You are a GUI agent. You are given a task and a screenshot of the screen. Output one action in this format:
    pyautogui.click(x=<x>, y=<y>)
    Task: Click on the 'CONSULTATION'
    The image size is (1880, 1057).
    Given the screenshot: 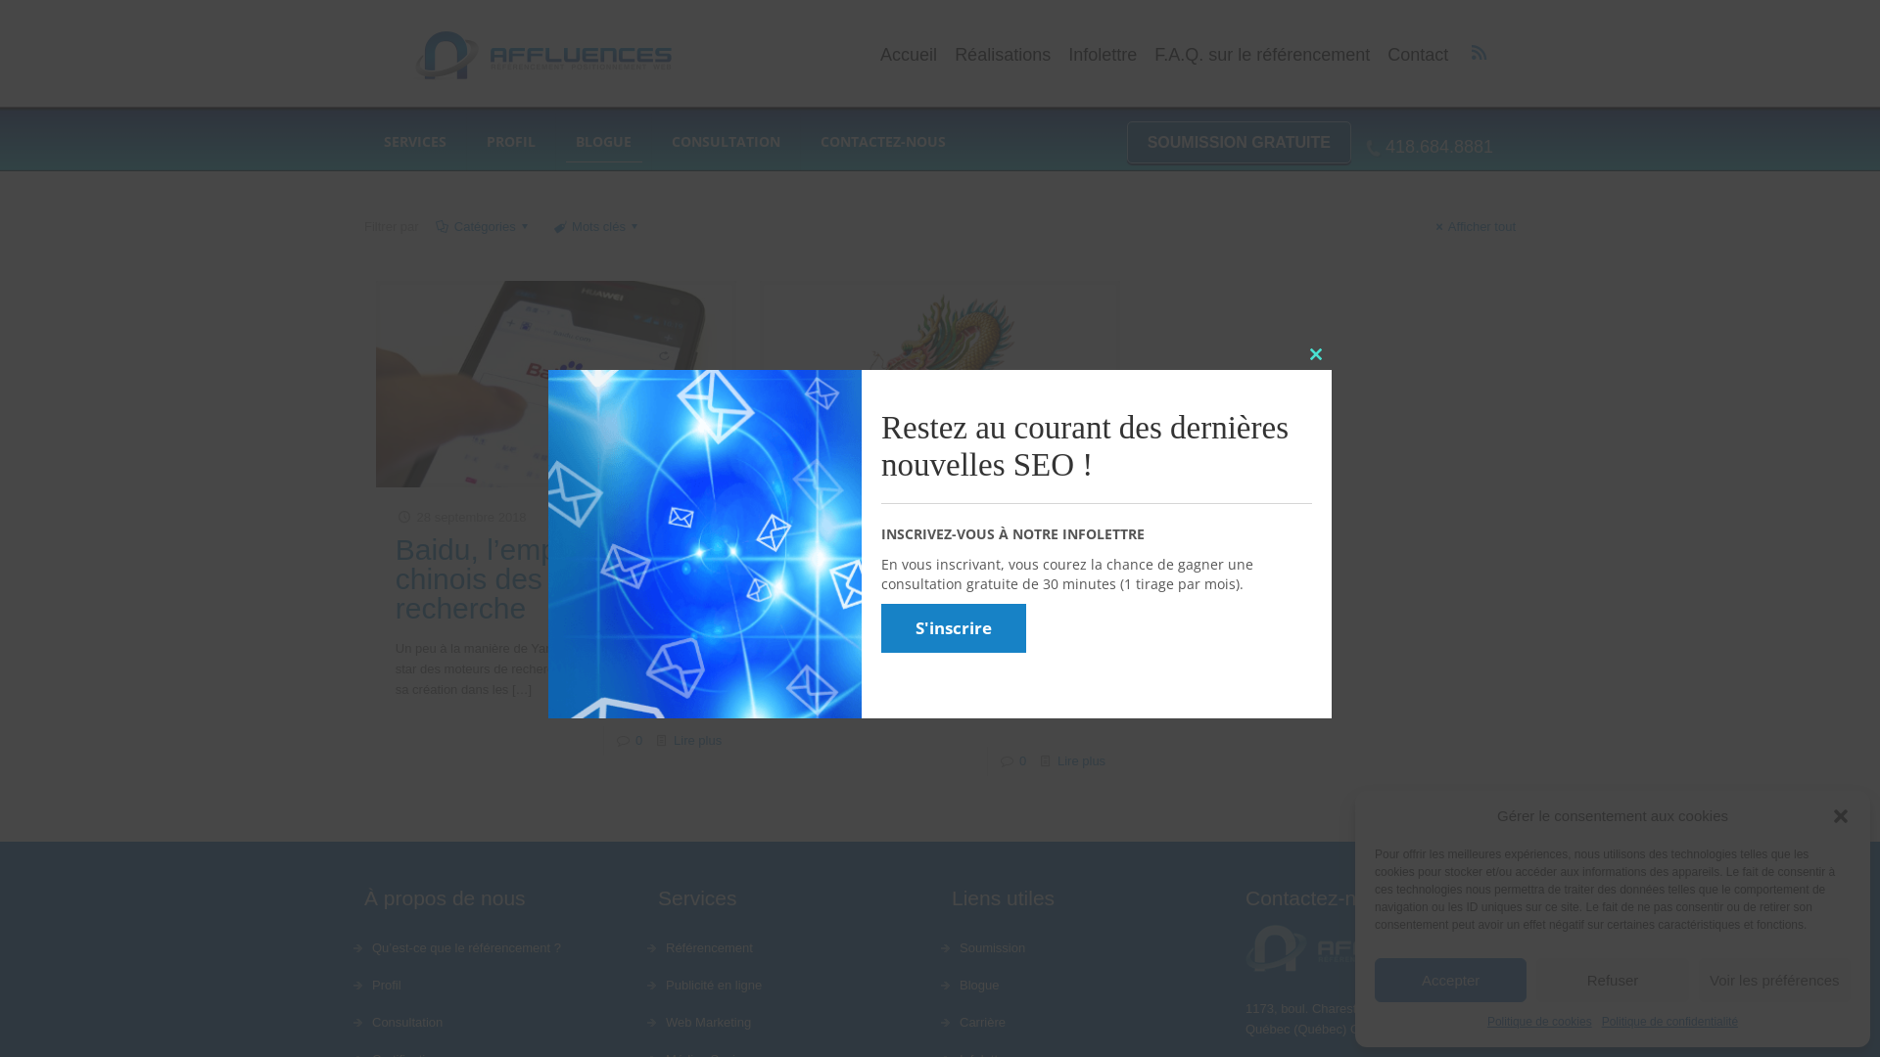 What is the action you would take?
    pyautogui.click(x=726, y=141)
    